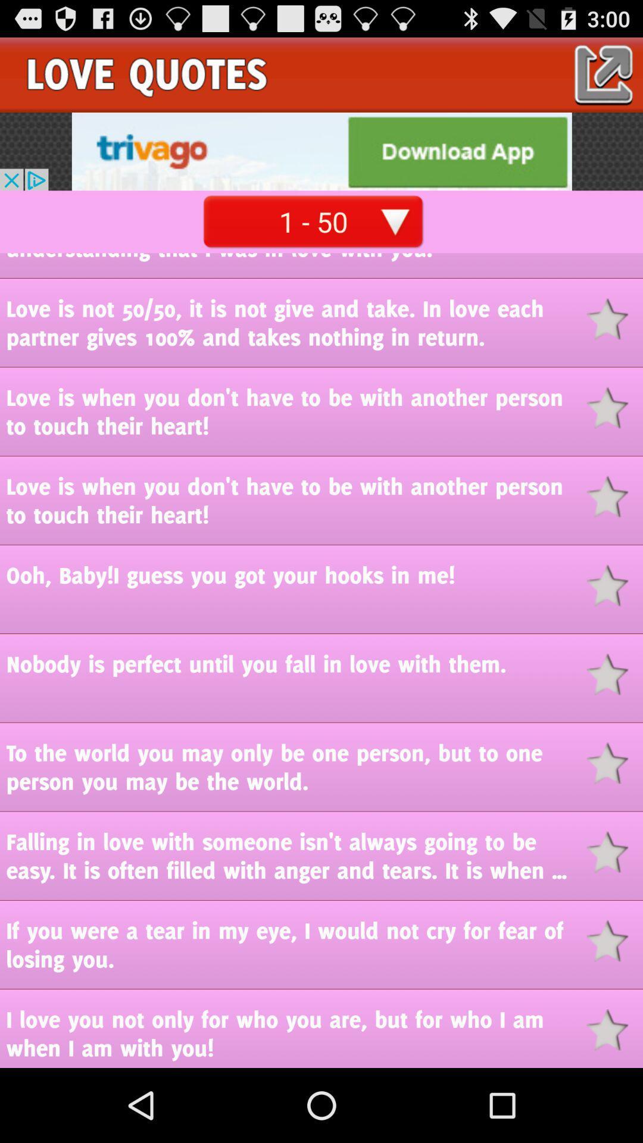  Describe the element at coordinates (614, 1029) in the screenshot. I see `adds to favorites` at that location.